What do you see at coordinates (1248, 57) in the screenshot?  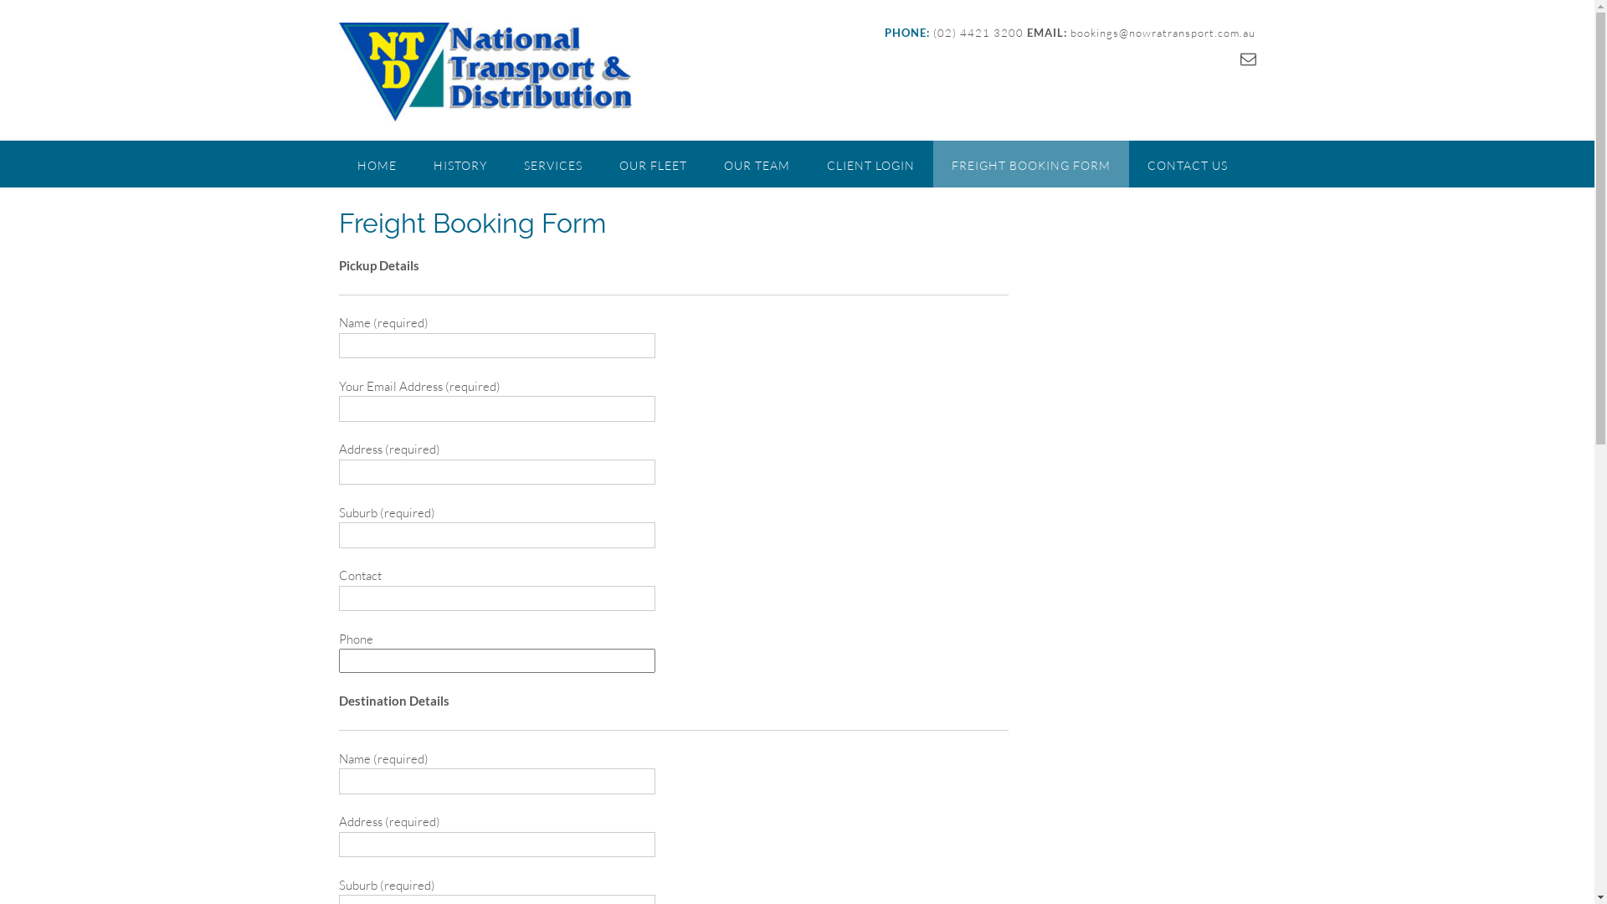 I see `'Send us an email'` at bounding box center [1248, 57].